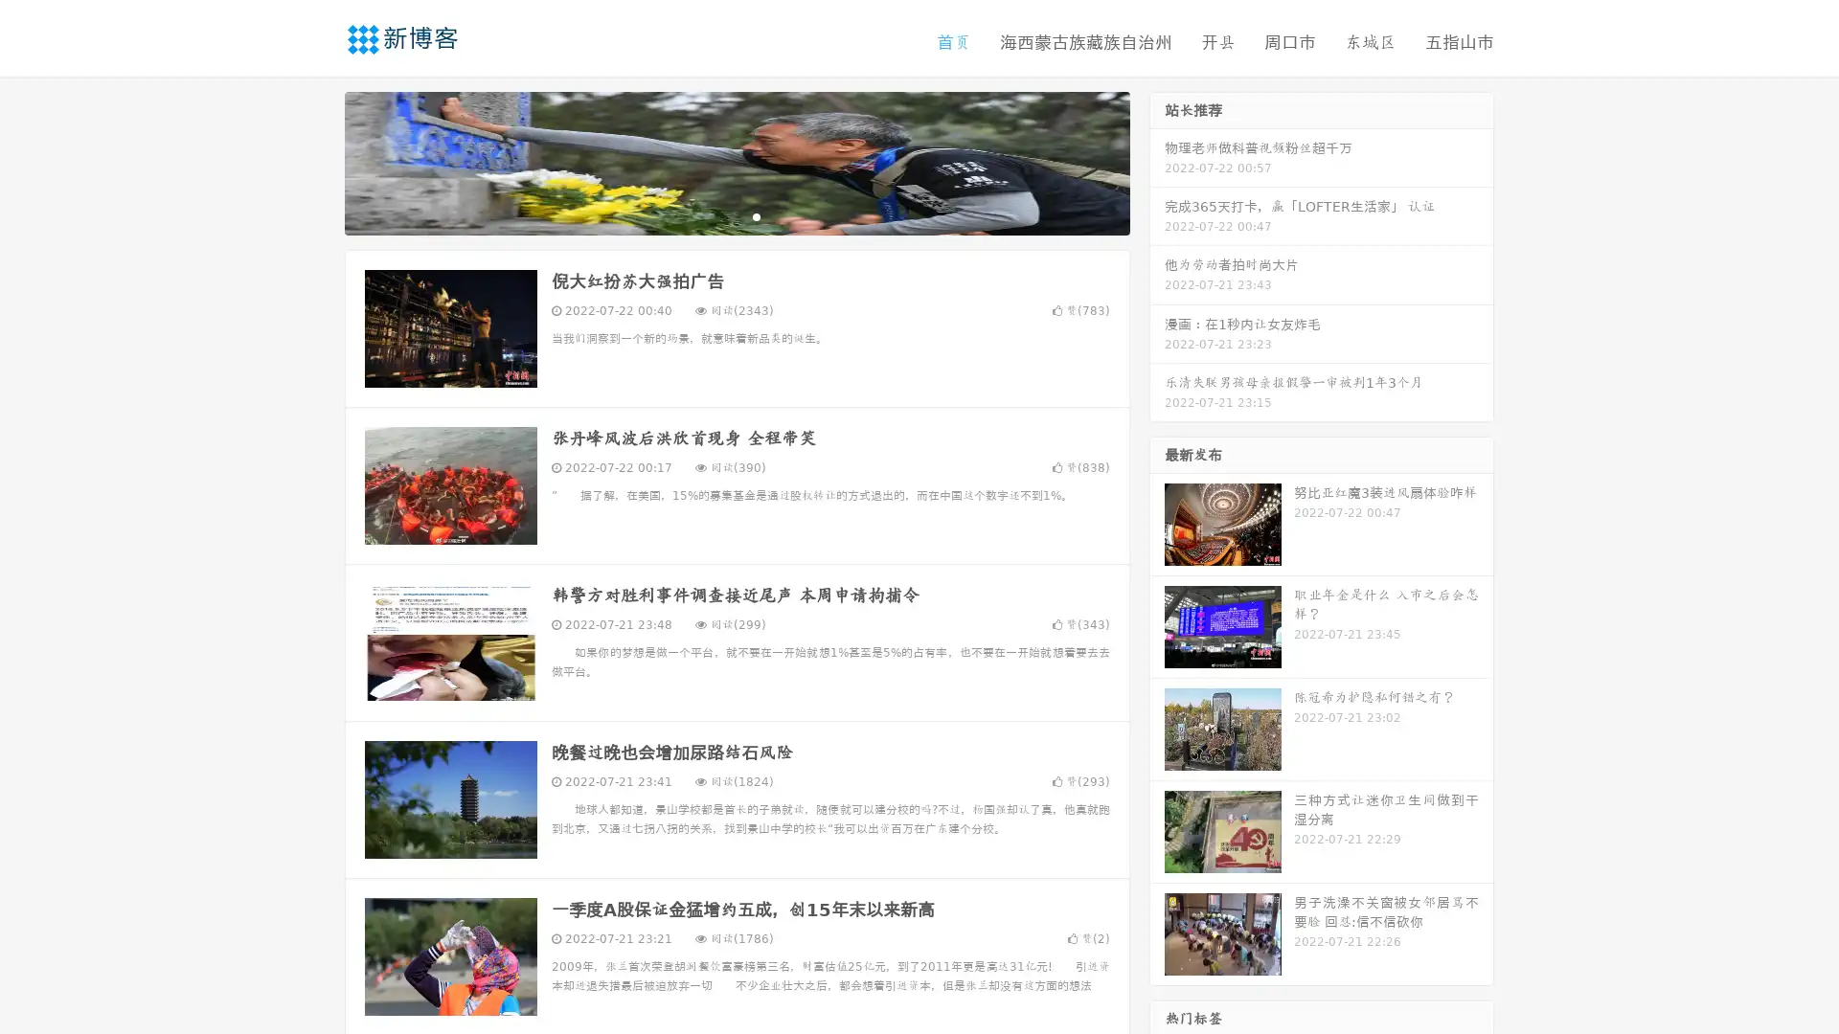  I want to click on Go to slide 2, so click(736, 215).